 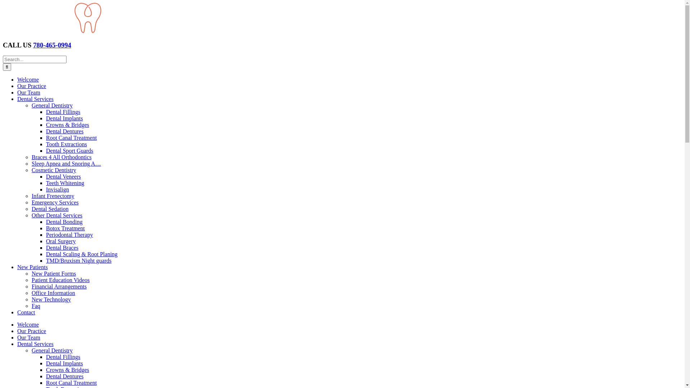 What do you see at coordinates (35, 343) in the screenshot?
I see `'Dental Services'` at bounding box center [35, 343].